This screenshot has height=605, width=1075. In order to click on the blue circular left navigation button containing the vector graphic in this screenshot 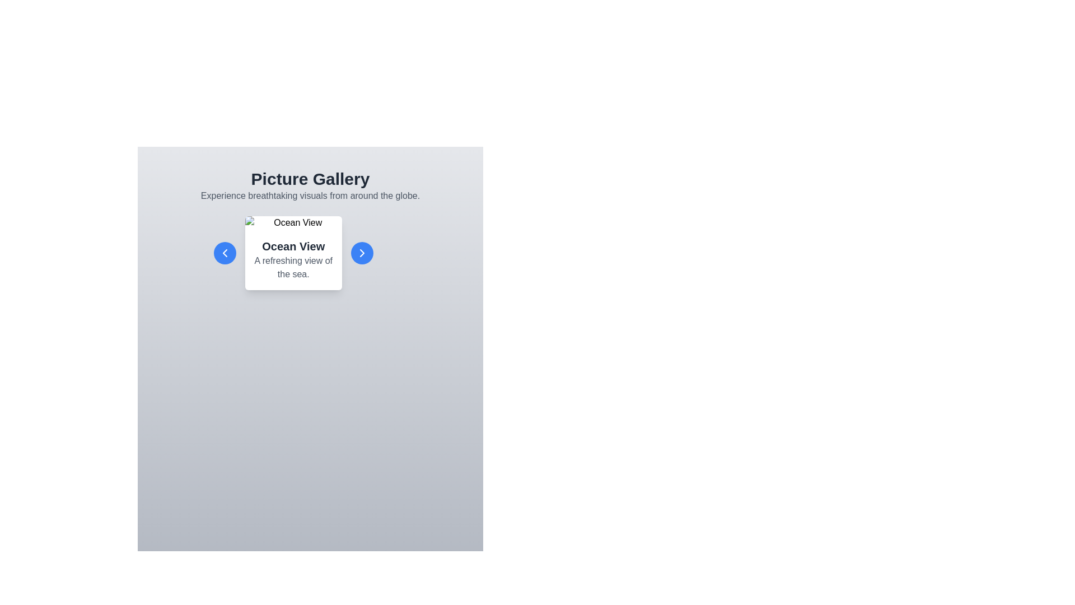, I will do `click(225, 253)`.